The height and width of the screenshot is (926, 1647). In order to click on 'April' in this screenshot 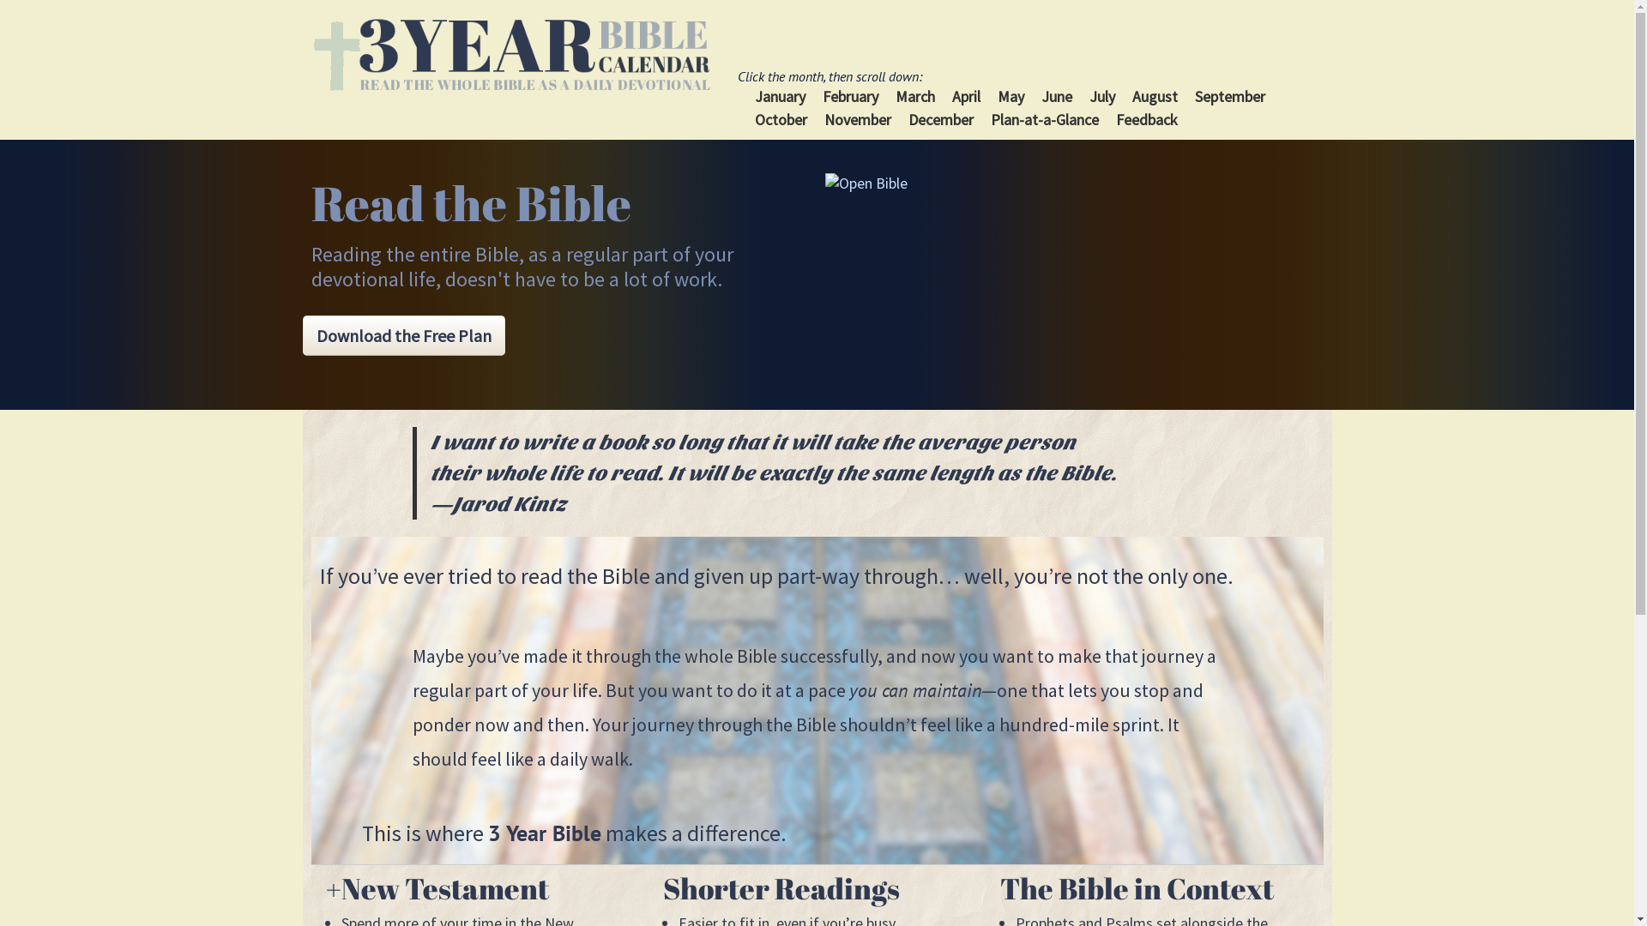, I will do `click(966, 96)`.